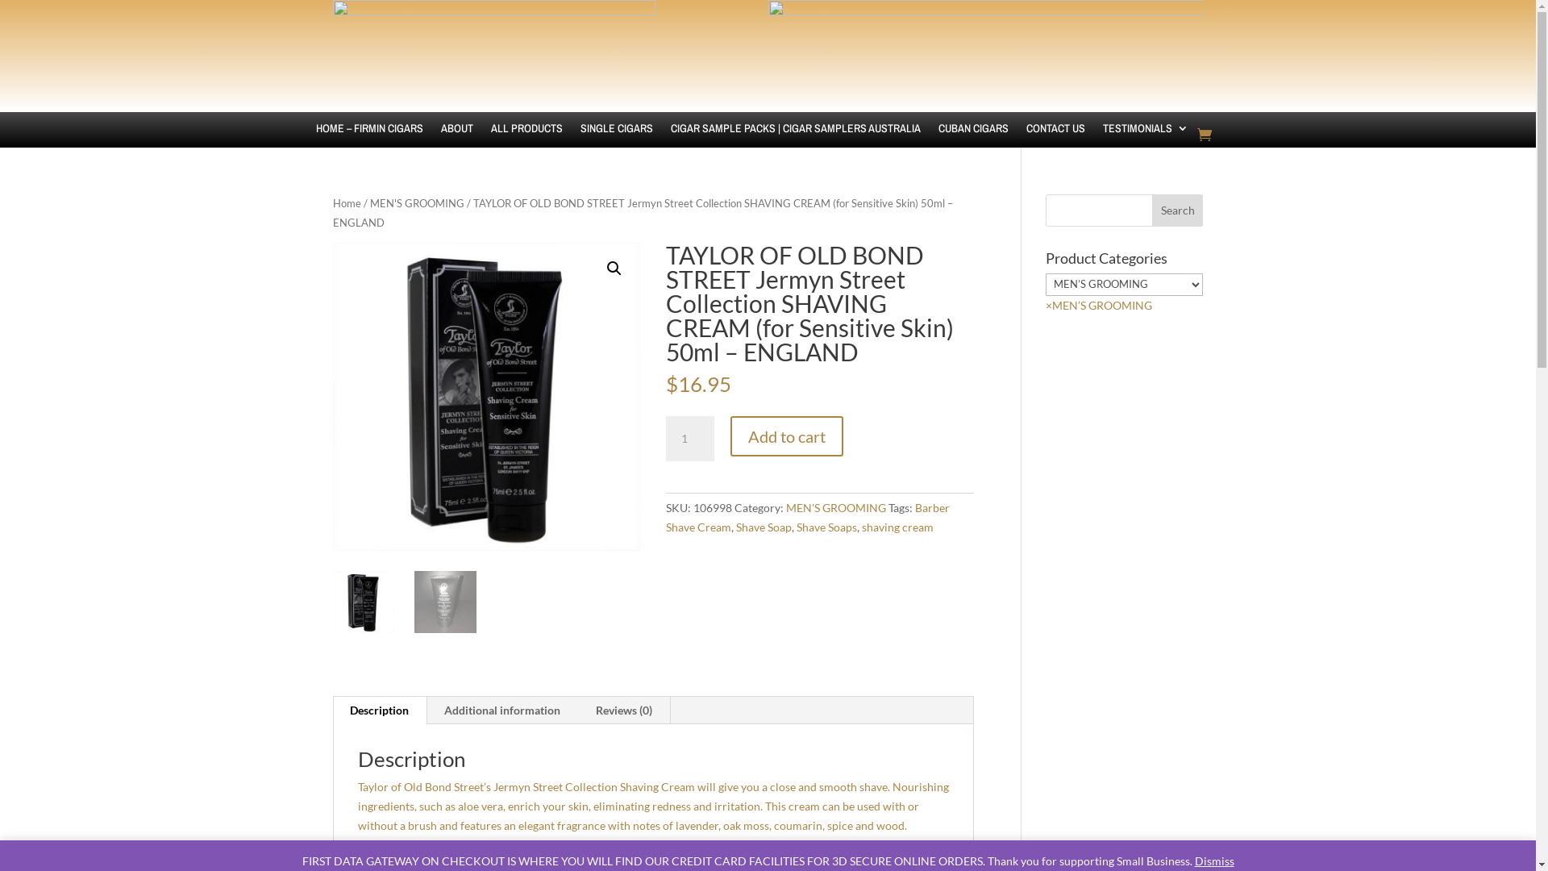 The height and width of the screenshot is (871, 1548). What do you see at coordinates (763, 527) in the screenshot?
I see `'Shave Soap'` at bounding box center [763, 527].